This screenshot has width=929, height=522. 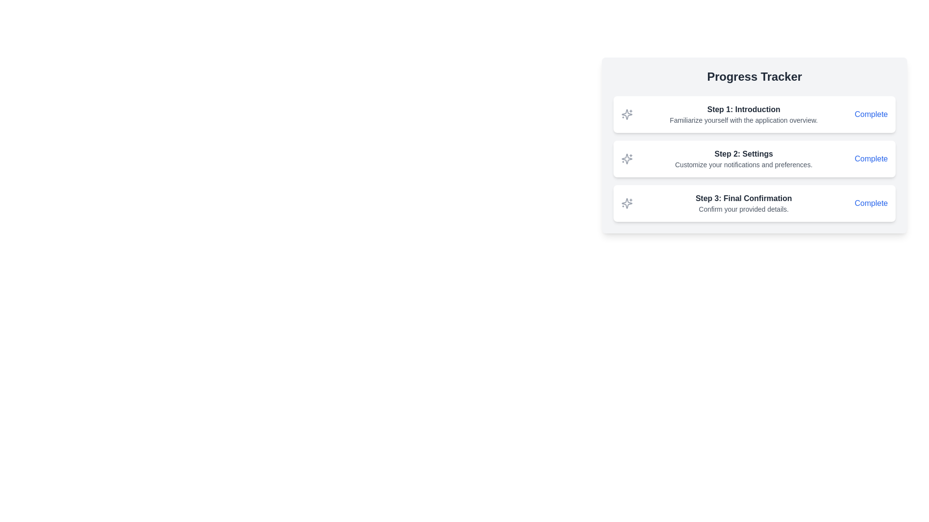 What do you see at coordinates (627, 203) in the screenshot?
I see `the decorative star-shaped icon within the progress tracker UI, located to the left of 'Step 3: Final Confirmation'` at bounding box center [627, 203].